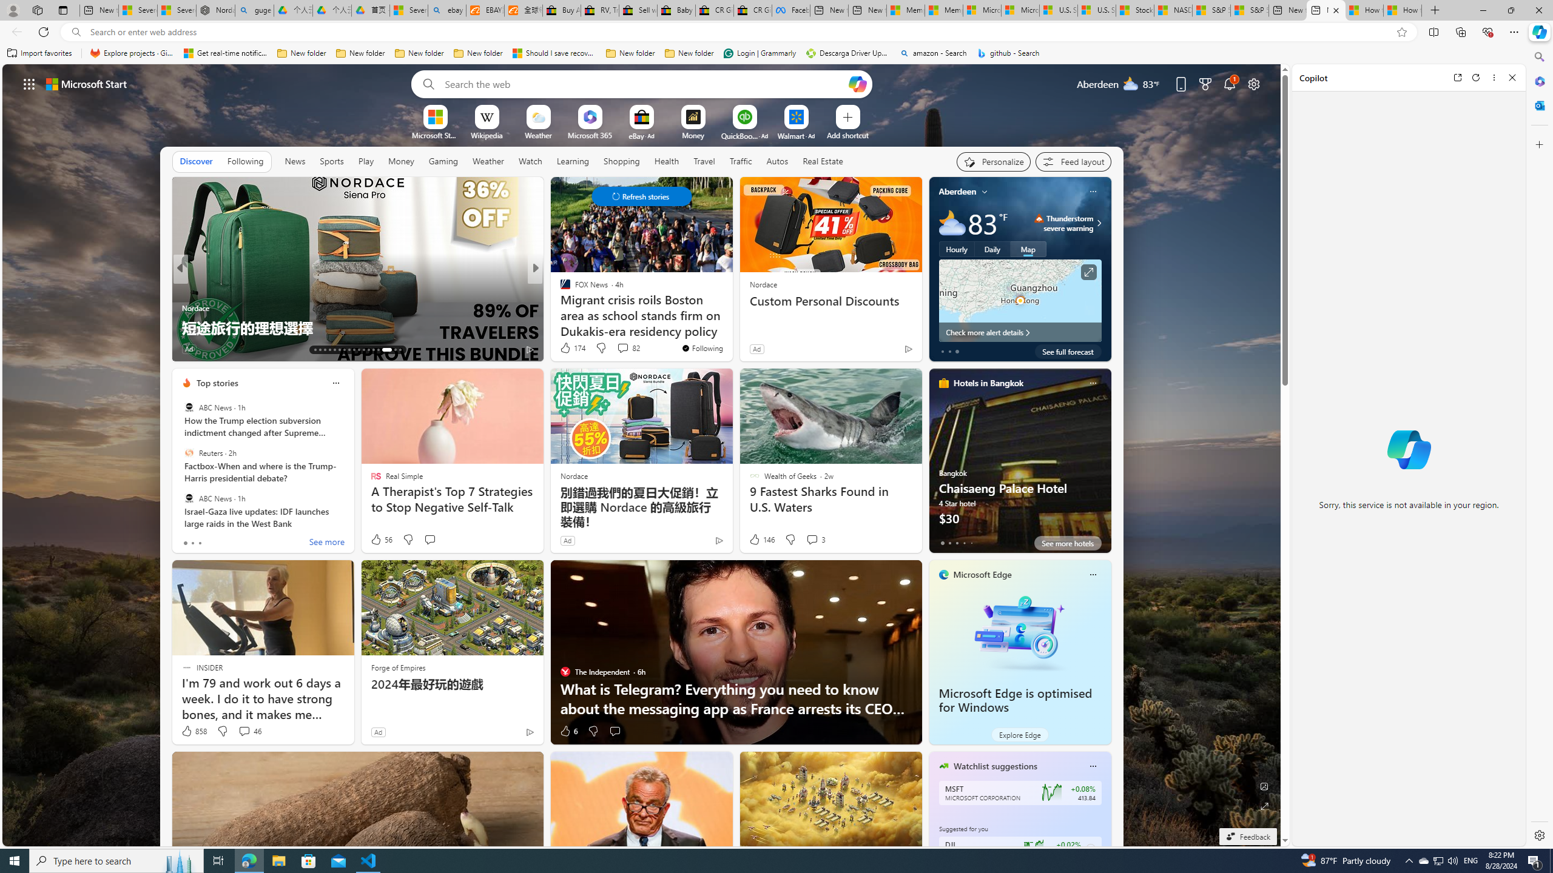 Image resolution: width=1553 pixels, height=873 pixels. Describe the element at coordinates (846, 135) in the screenshot. I see `'Add a site'` at that location.